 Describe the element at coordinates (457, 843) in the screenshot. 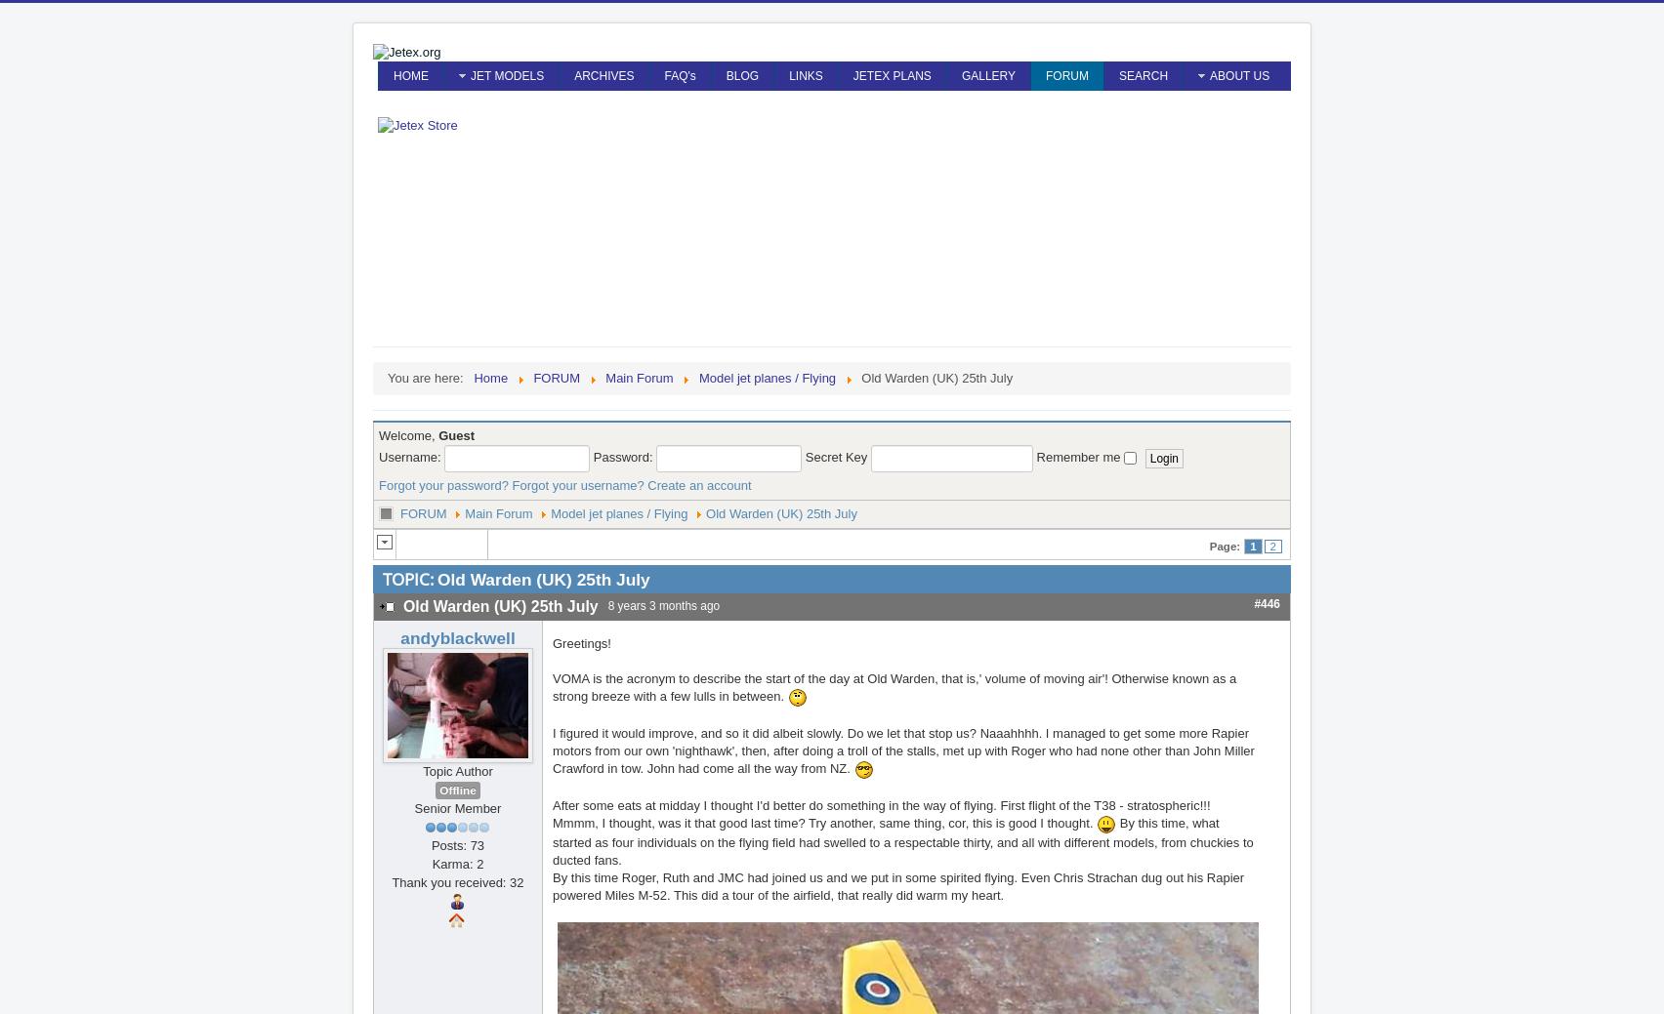

I see `'Posts: 73'` at that location.